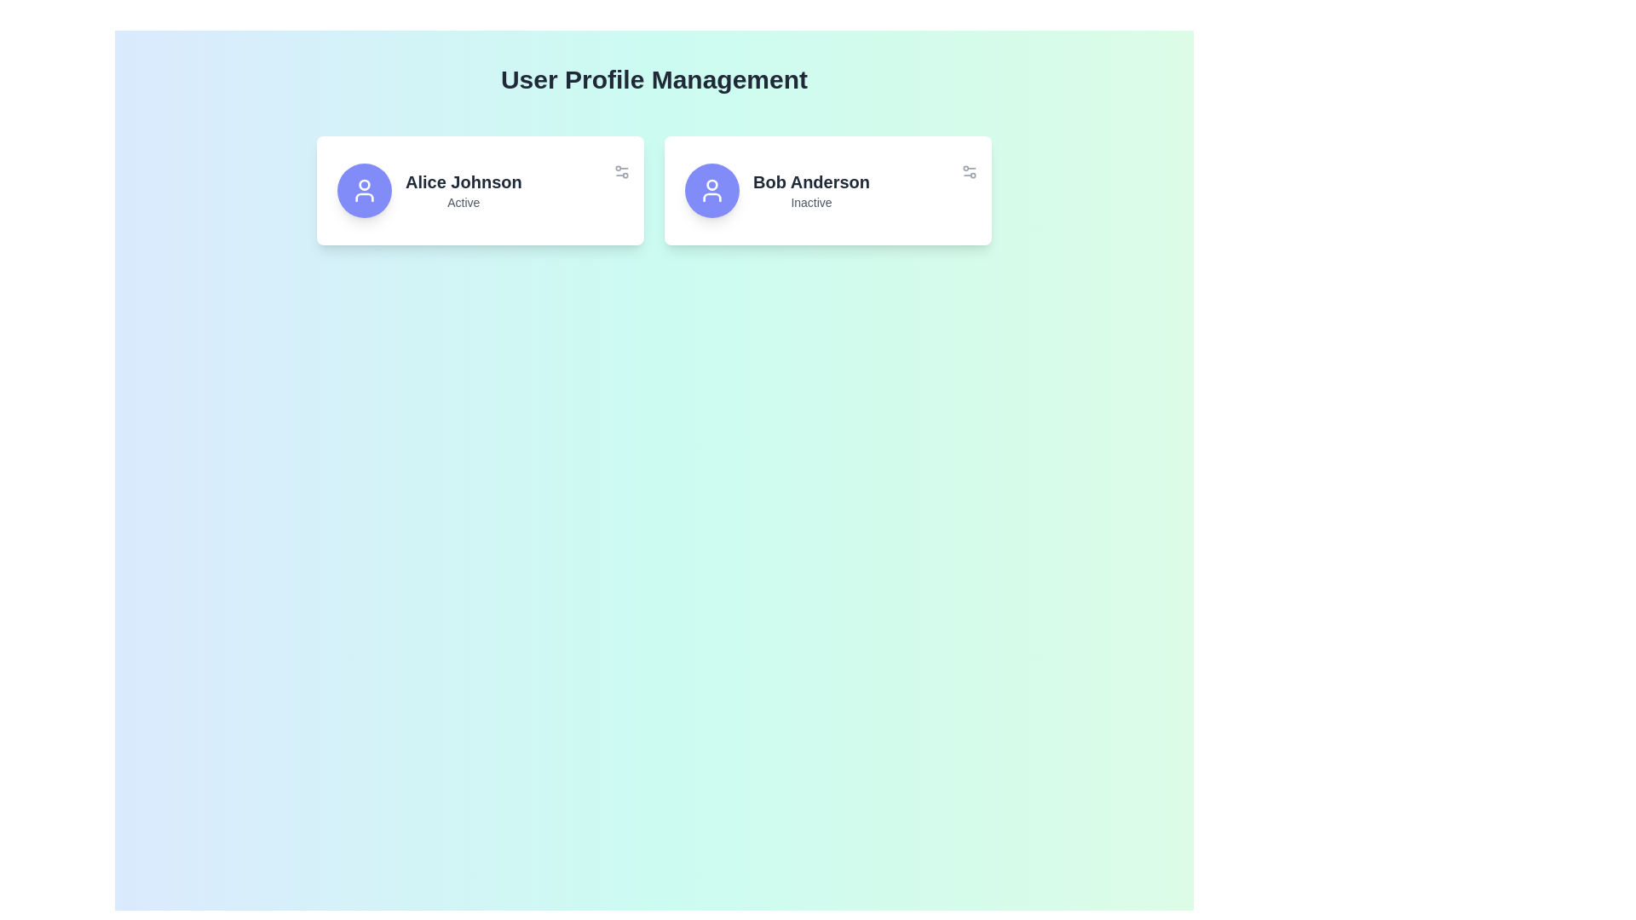 The width and height of the screenshot is (1636, 920). What do you see at coordinates (464, 190) in the screenshot?
I see `the text display component that shows the name and status of a user, located in the right section of the user profile card adjacent to the circular avatar` at bounding box center [464, 190].